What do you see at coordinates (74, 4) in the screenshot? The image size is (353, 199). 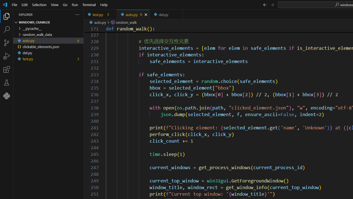 I see `'Run'` at bounding box center [74, 4].